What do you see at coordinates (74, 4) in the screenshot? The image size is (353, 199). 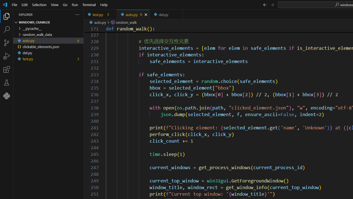 I see `'Run'` at bounding box center [74, 4].